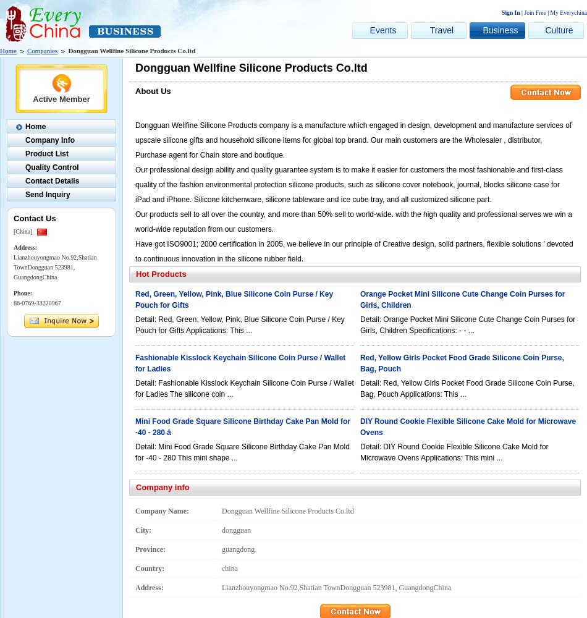  I want to click on 'Company info', so click(161, 487).